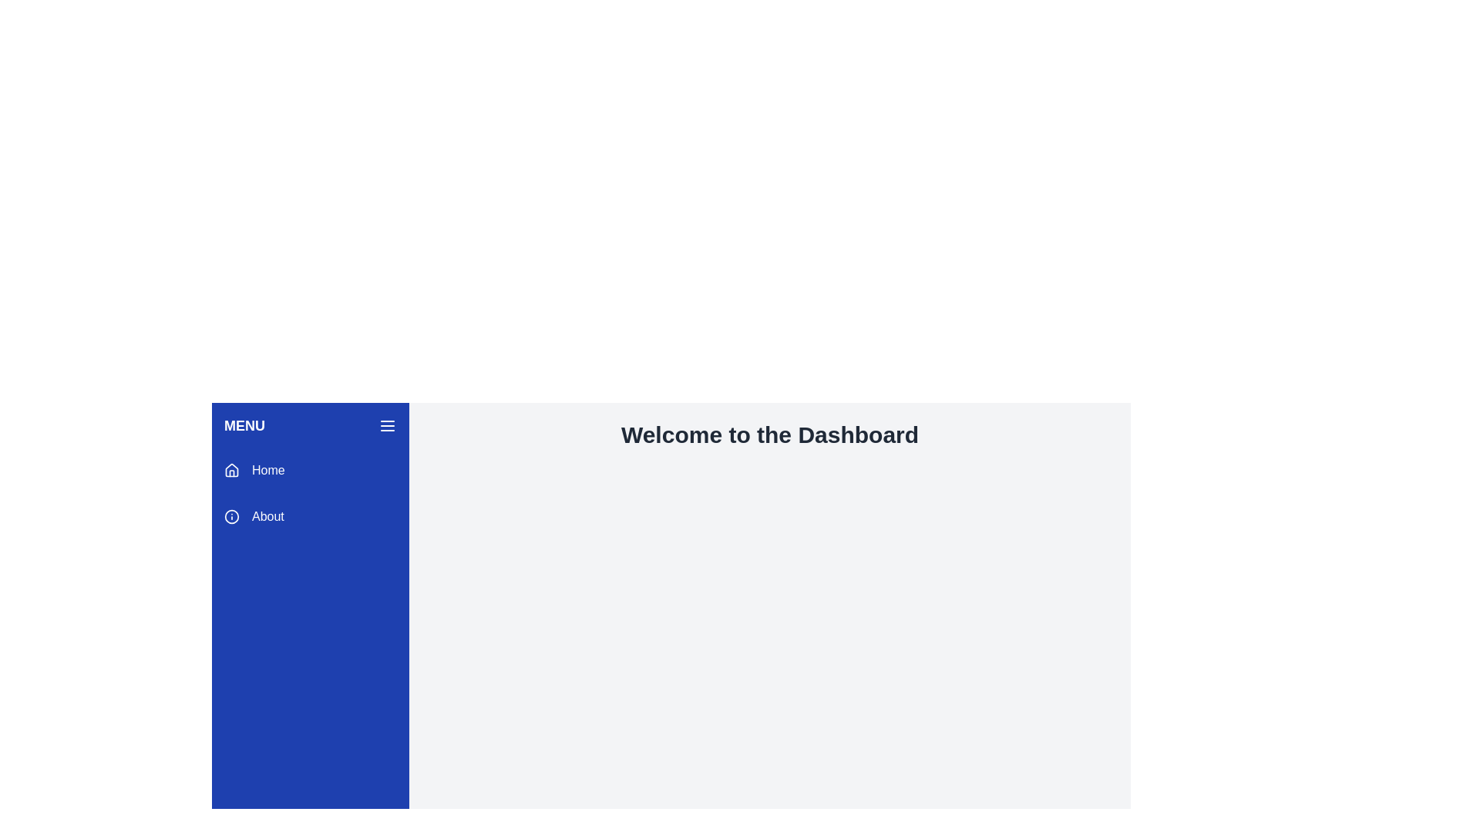  I want to click on decorative Icon element located in the sidebar menu, positioned below the 'Home' section and next to the 'About' text, so click(231, 517).